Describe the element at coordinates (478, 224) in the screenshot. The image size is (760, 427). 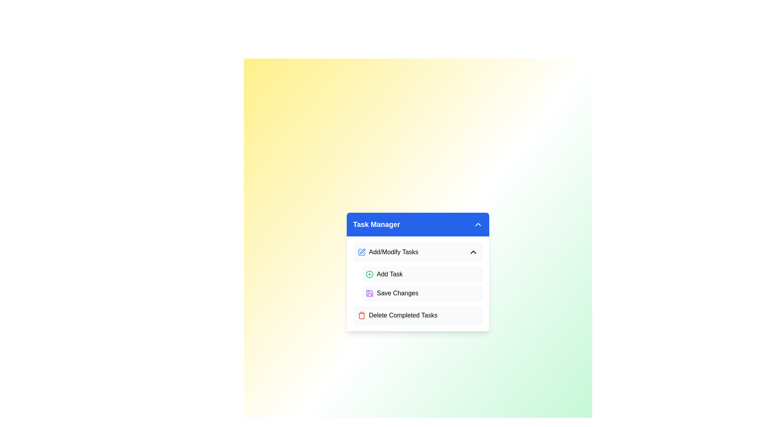
I see `the Dropdown toggler icon at the far-right end of the 'Task Manager' section` at that location.